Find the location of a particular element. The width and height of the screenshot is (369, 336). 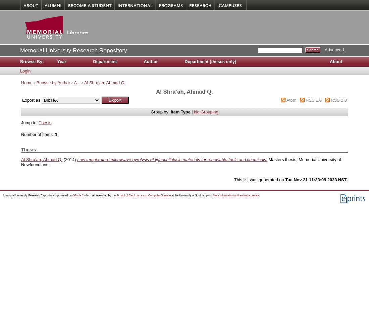

'No Grouping' is located at coordinates (206, 111).